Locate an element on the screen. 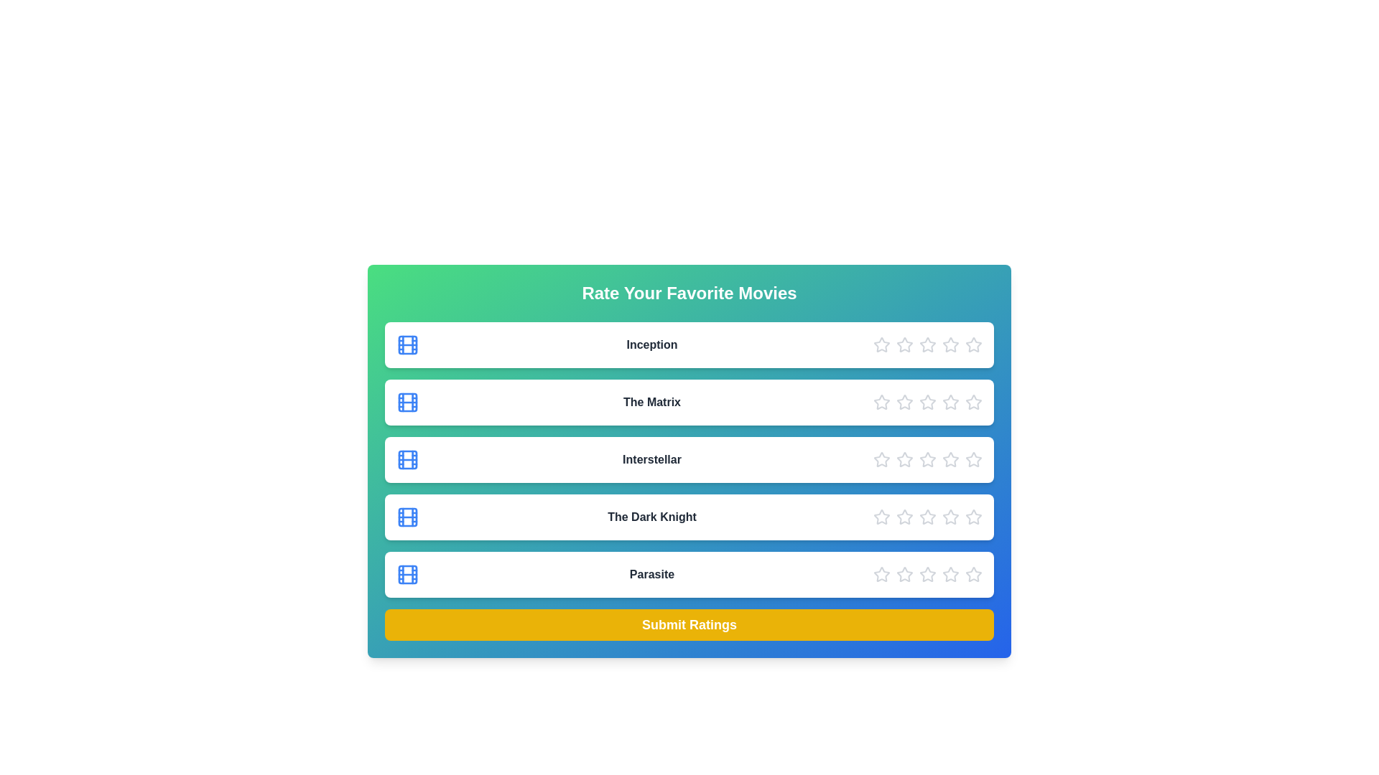  'Submit Ratings' button to submit the ratings is located at coordinates (689, 624).